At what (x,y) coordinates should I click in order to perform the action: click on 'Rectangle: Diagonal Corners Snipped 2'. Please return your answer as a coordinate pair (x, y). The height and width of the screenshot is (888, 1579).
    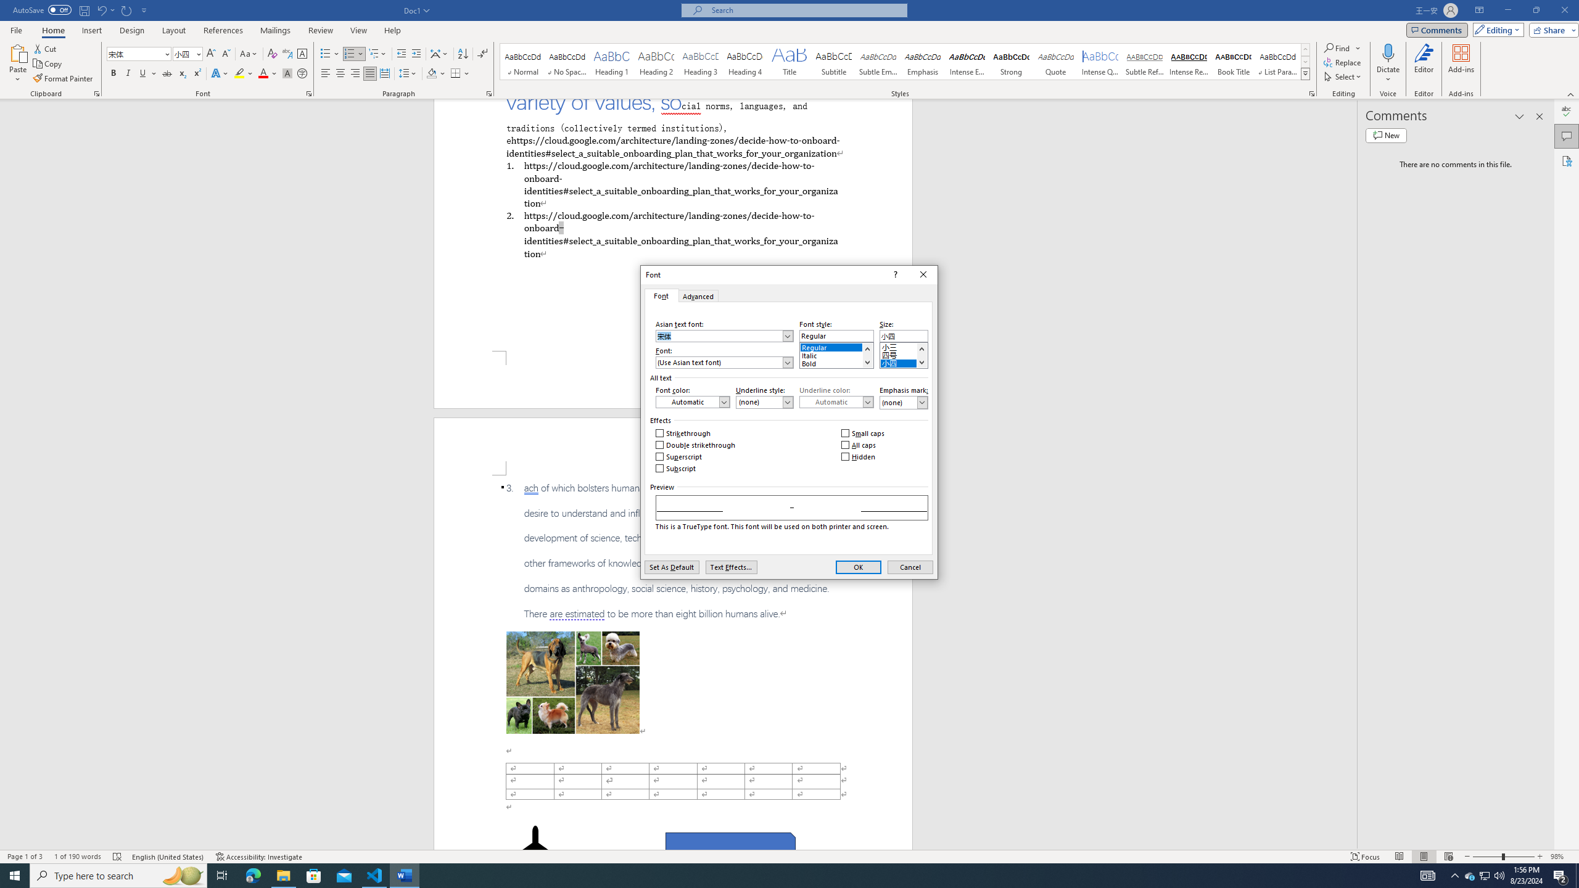
    Looking at the image, I should click on (730, 846).